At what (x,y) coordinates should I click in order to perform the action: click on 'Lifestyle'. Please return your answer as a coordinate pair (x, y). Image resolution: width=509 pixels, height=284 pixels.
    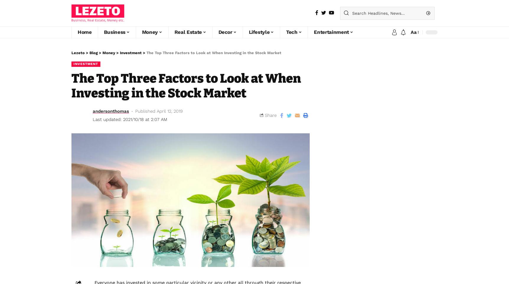
    Looking at the image, I should click on (259, 32).